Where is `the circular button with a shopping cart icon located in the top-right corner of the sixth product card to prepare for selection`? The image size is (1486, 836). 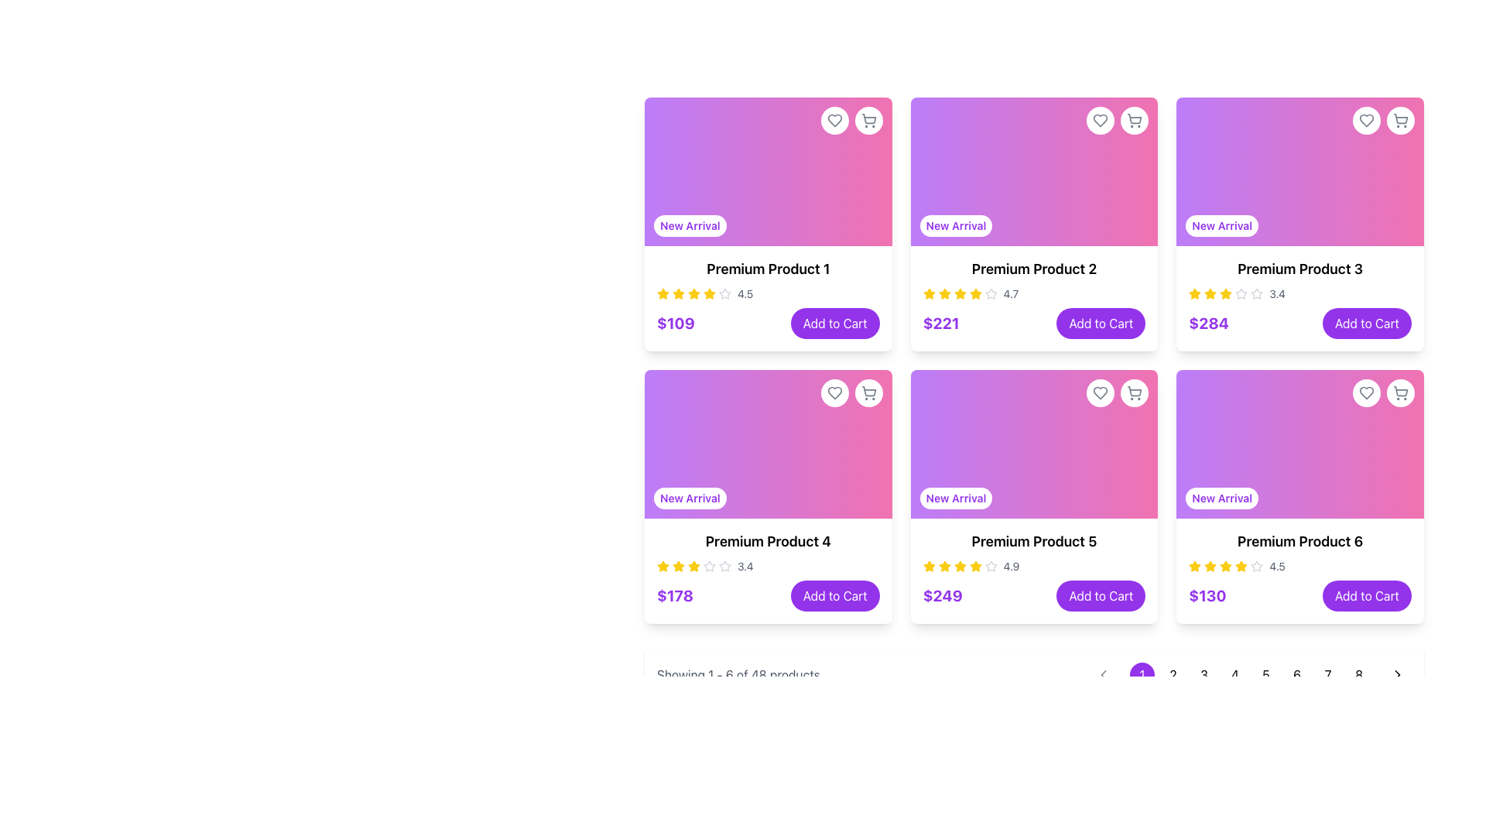 the circular button with a shopping cart icon located in the top-right corner of the sixth product card to prepare for selection is located at coordinates (1400, 392).